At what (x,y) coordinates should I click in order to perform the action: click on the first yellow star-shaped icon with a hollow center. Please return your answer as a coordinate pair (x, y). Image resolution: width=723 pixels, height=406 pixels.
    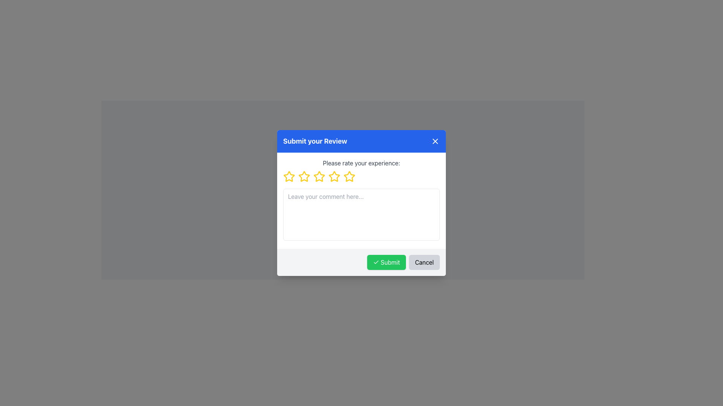
    Looking at the image, I should click on (288, 176).